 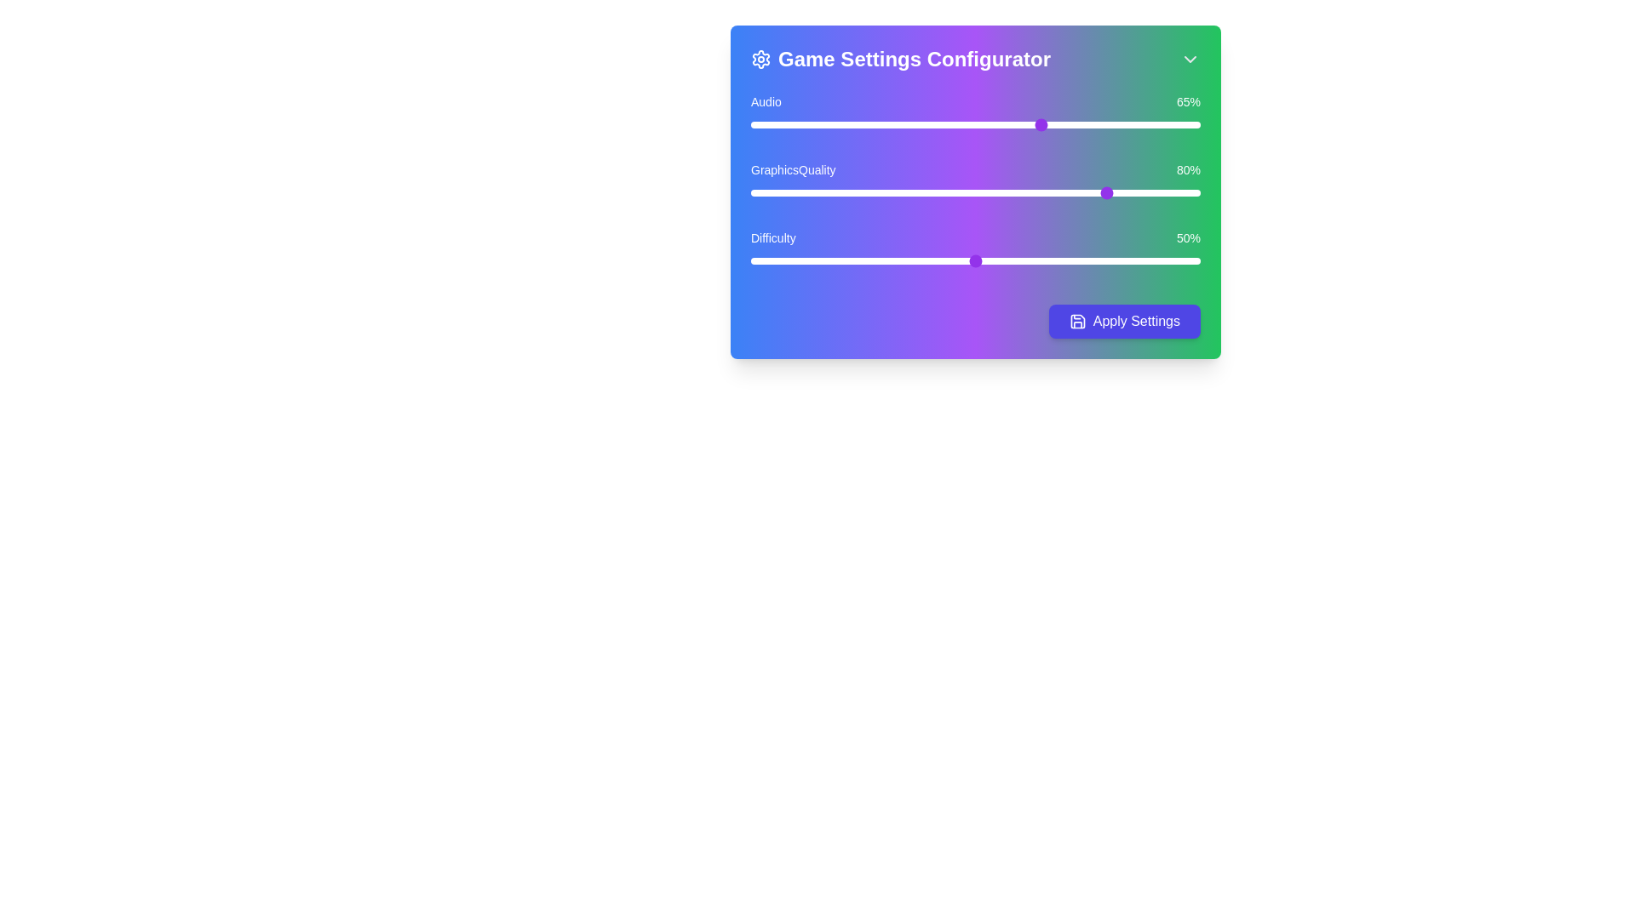 What do you see at coordinates (760, 58) in the screenshot?
I see `the settings gear icon located in the top-left corner of the header bar` at bounding box center [760, 58].